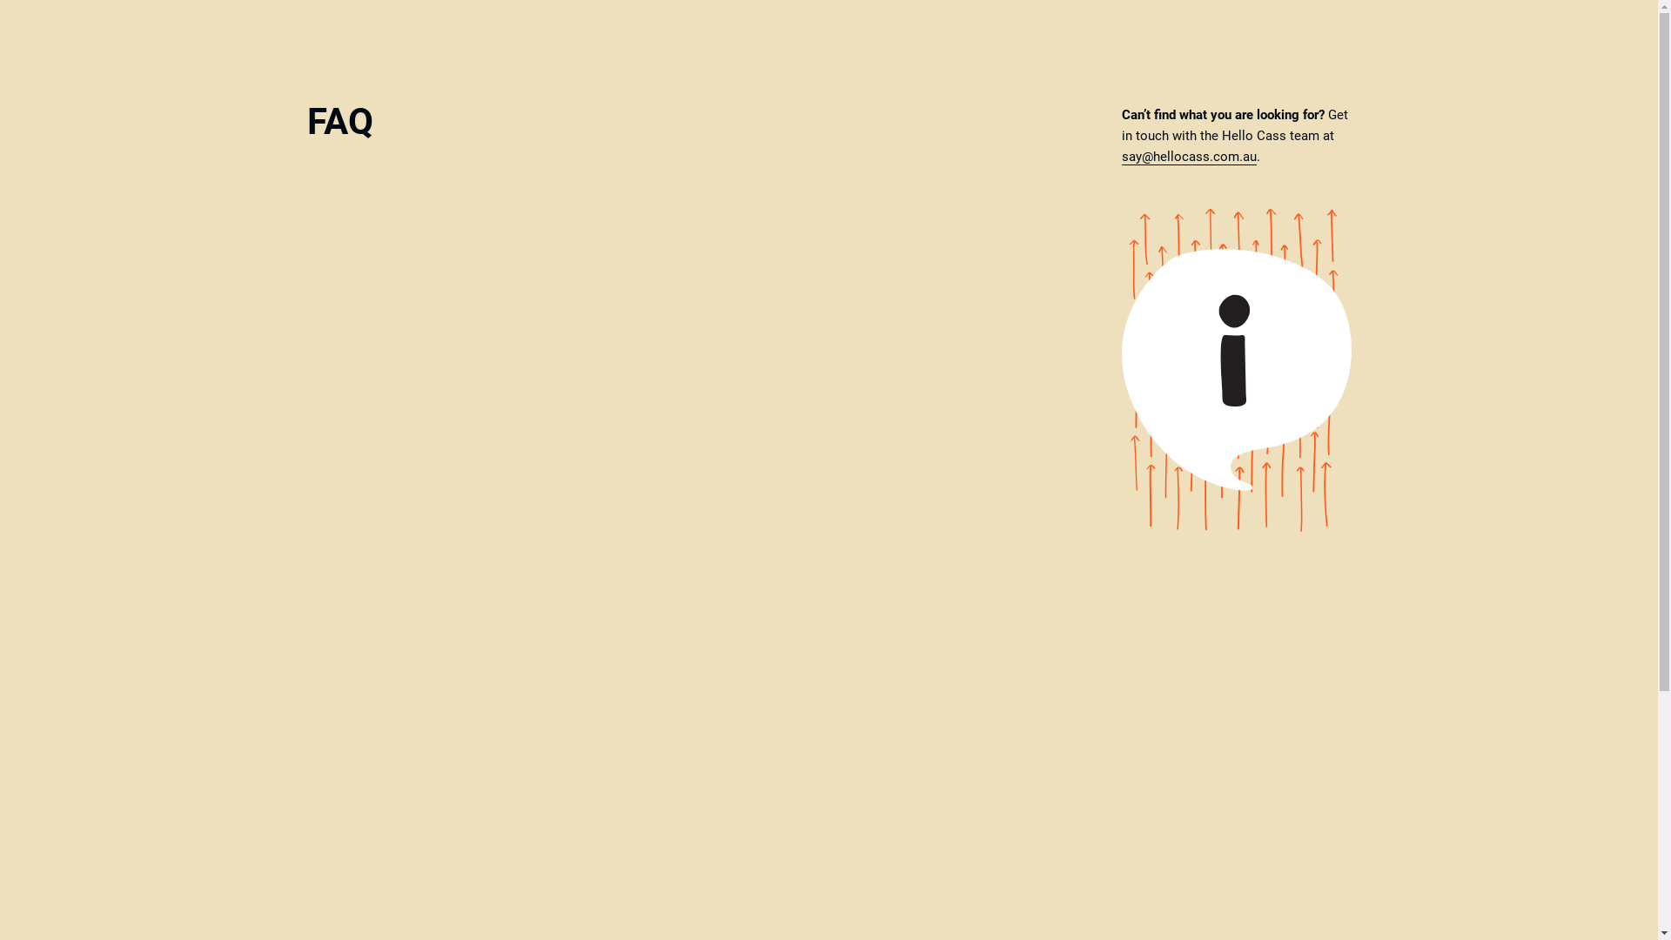 This screenshot has height=940, width=1671. Describe the element at coordinates (1187, 157) in the screenshot. I see `'say@hellocass.com.au'` at that location.